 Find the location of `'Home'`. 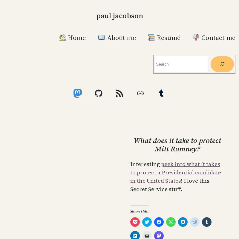

'Home' is located at coordinates (66, 37).